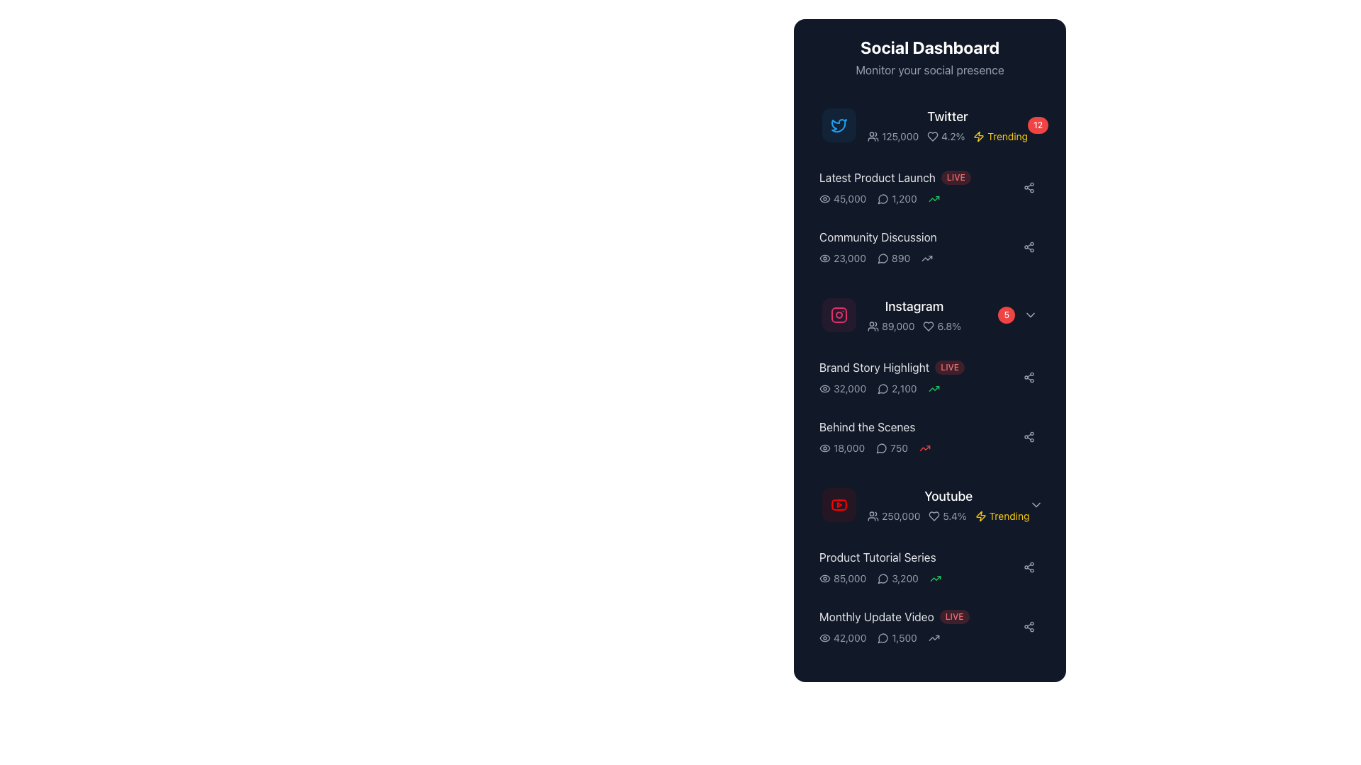 This screenshot has height=765, width=1361. Describe the element at coordinates (948, 496) in the screenshot. I see `the 'Youtube' text label displayed in white color with medium font weight and large font size, which is the sixth entry in the 'Social Dashboard' list` at that location.